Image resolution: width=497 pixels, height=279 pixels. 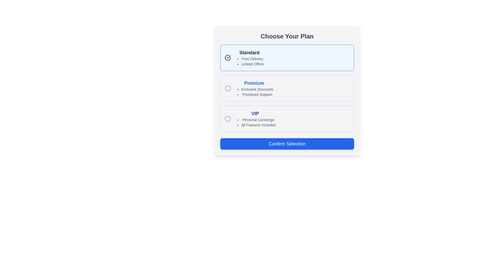 I want to click on the 'Prioritized Support' text label which is the second item in the bulleted list under the 'Premium' subscription tier section, so click(x=257, y=95).